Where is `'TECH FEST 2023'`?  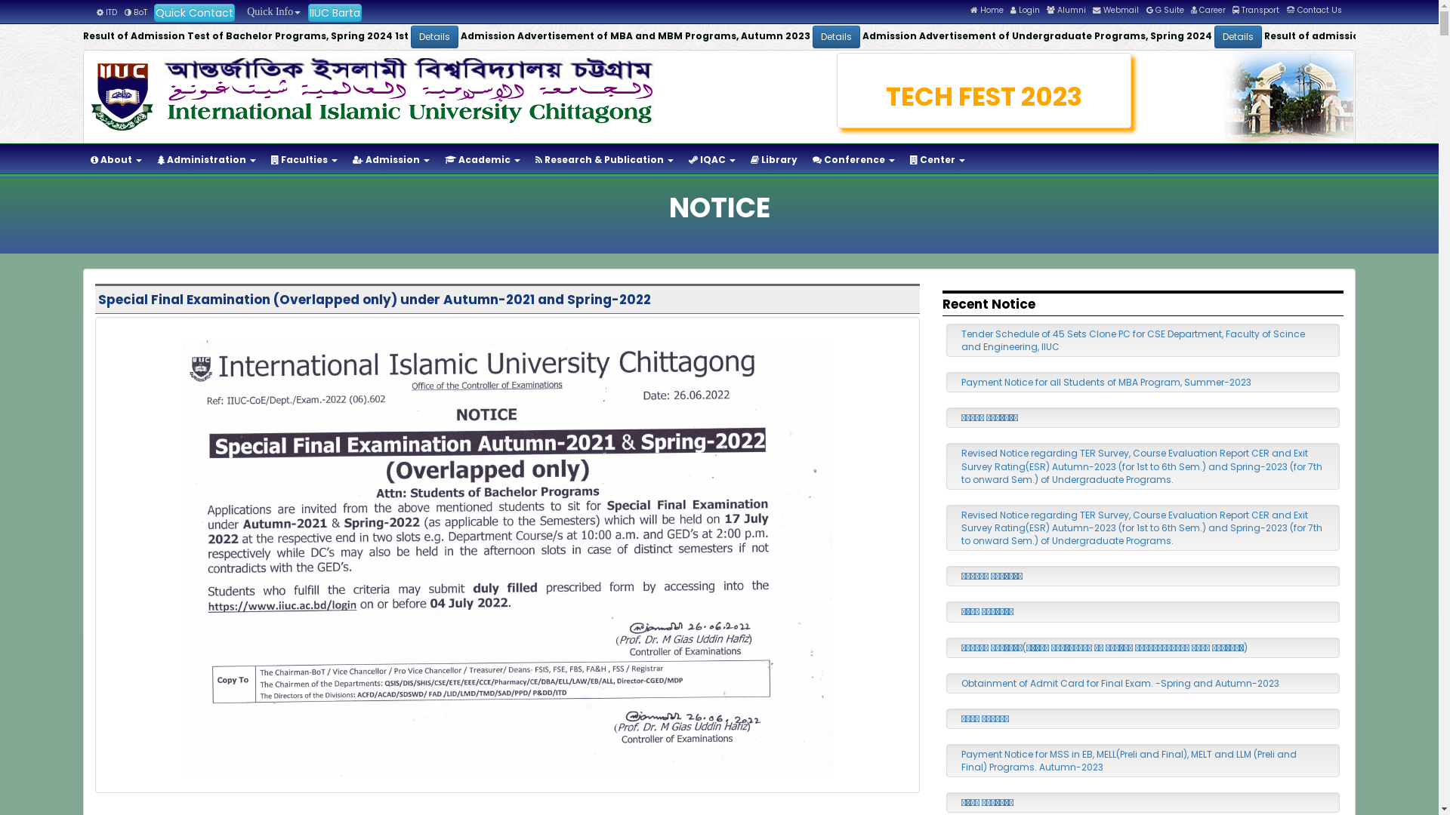 'TECH FEST 2023' is located at coordinates (984, 97).